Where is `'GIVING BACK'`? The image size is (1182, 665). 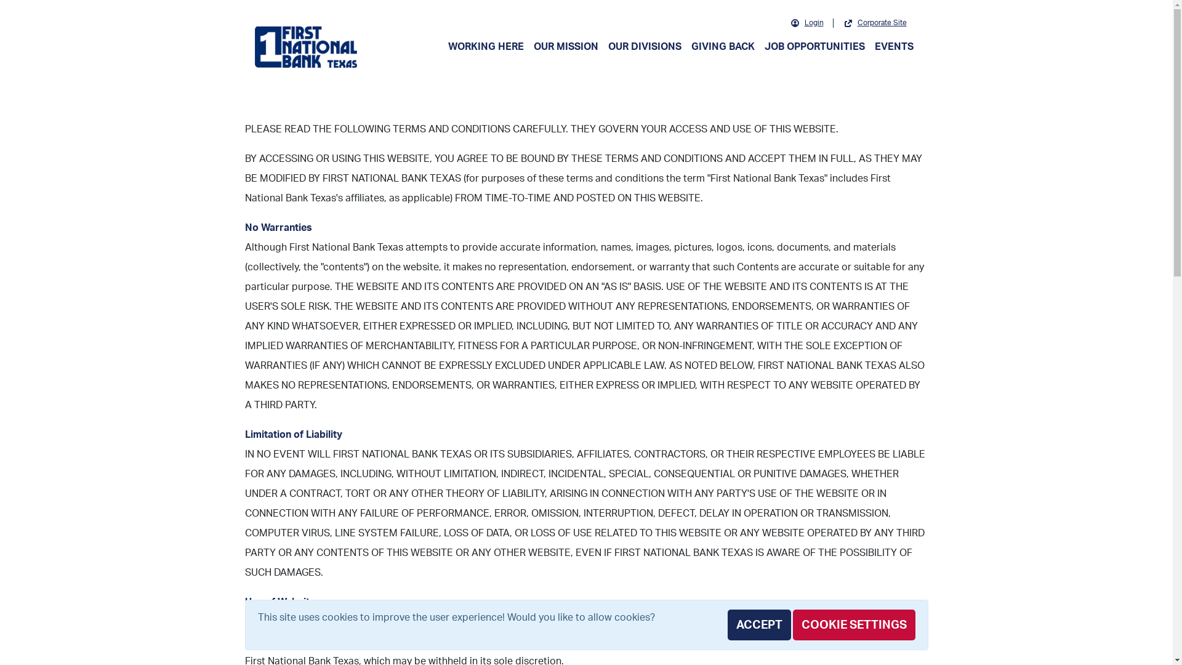
'GIVING BACK' is located at coordinates (722, 46).